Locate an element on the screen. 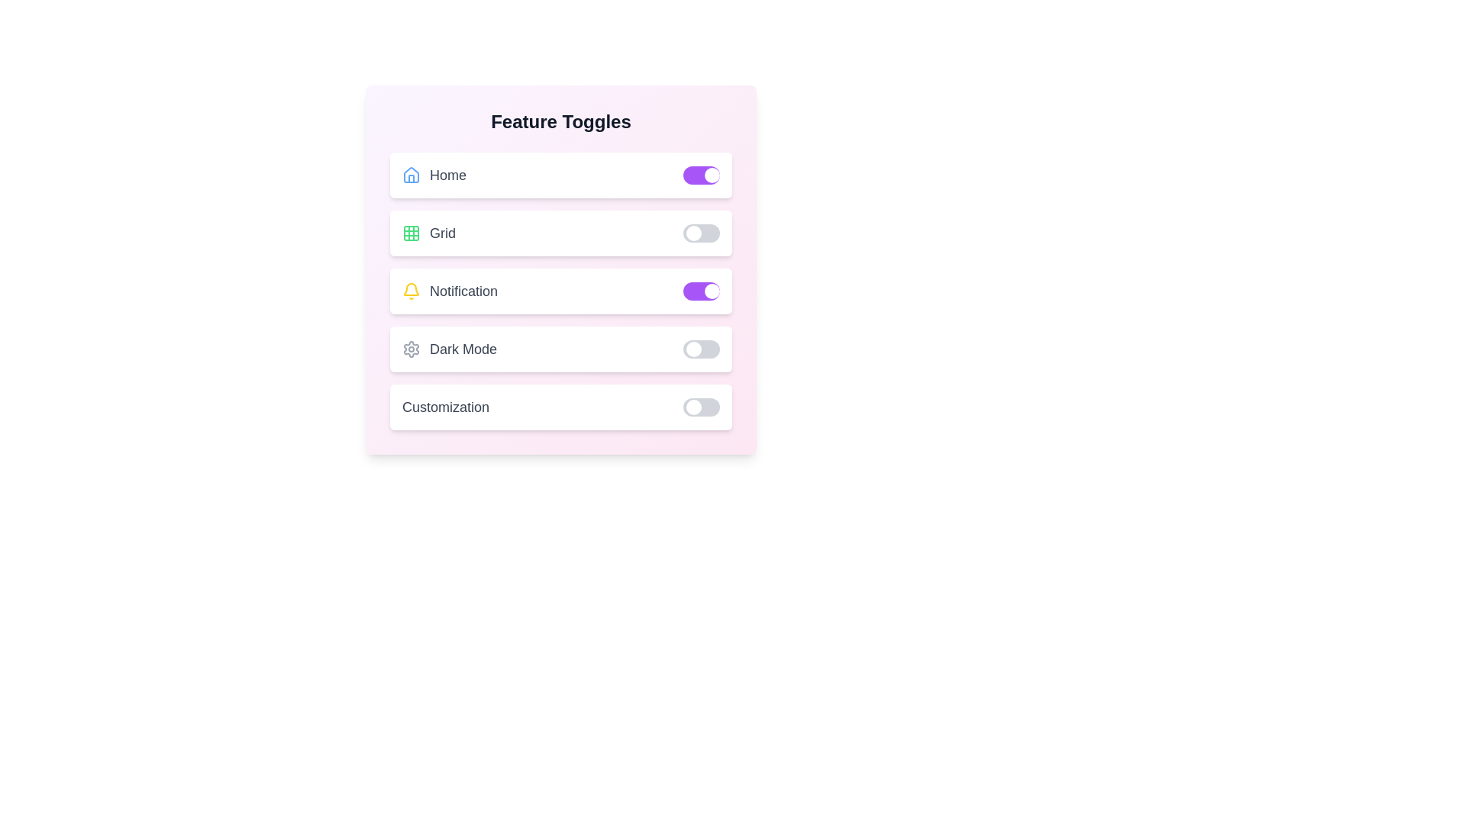 The height and width of the screenshot is (824, 1466). the text label 'Customization' in the 'Feature Toggles' section, which is colored dark gray and aligned next to a toggle switch is located at coordinates (445, 406).